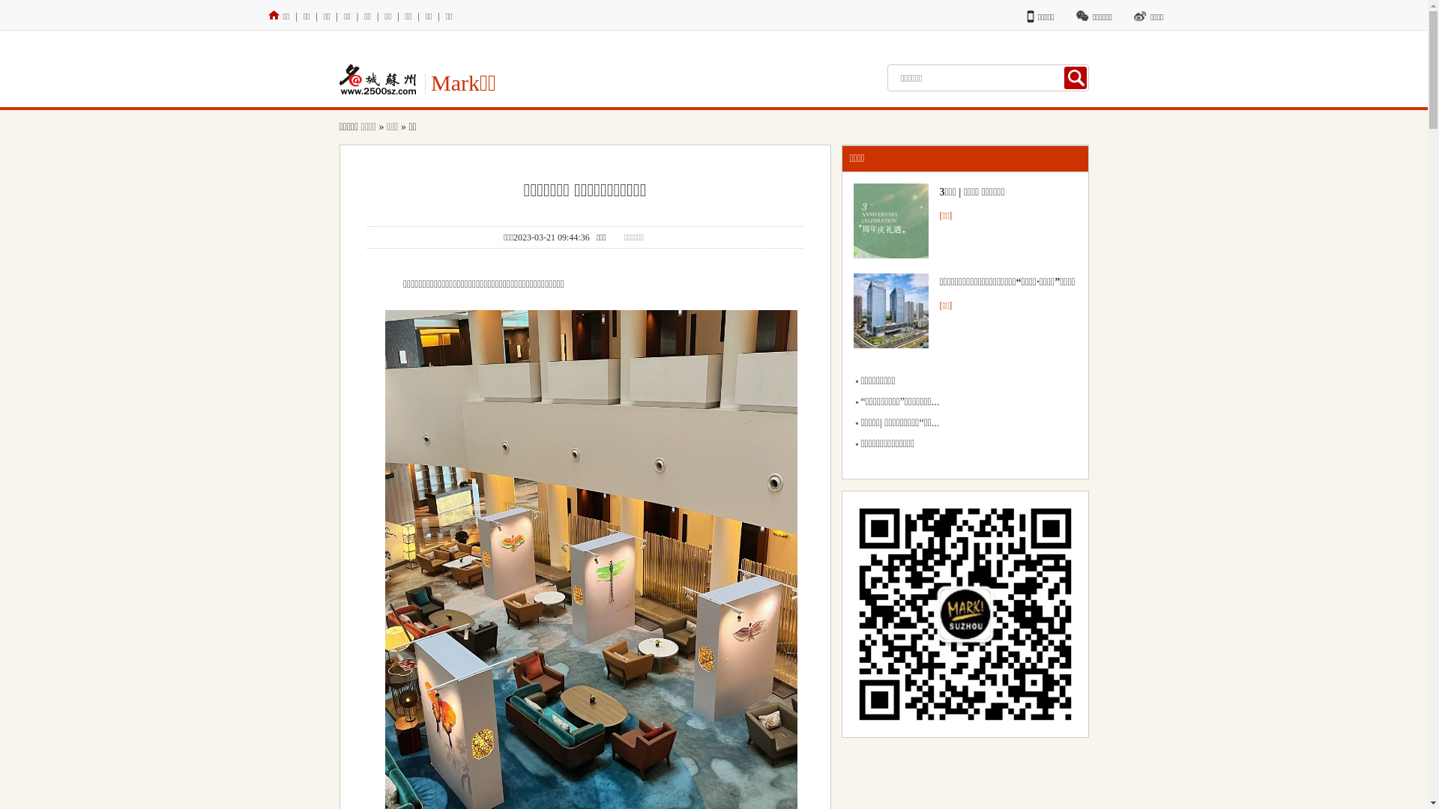  Describe the element at coordinates (1075, 78) in the screenshot. I see `' '` at that location.